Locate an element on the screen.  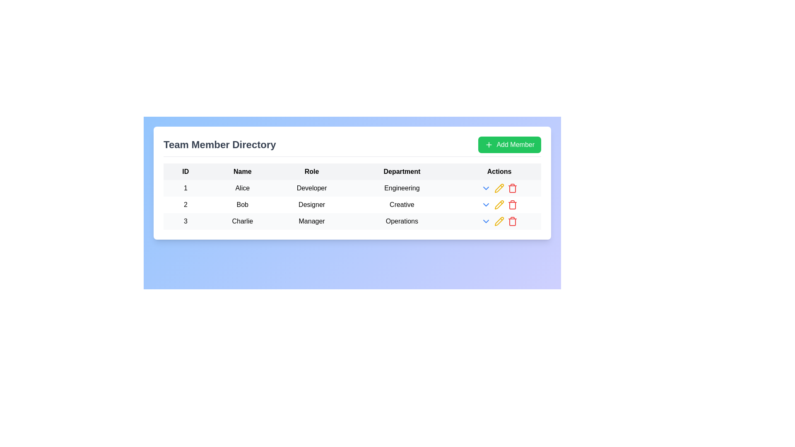
the text label displaying 'ID' in bold font, located in the top-left corner of the table's header row is located at coordinates (185, 171).